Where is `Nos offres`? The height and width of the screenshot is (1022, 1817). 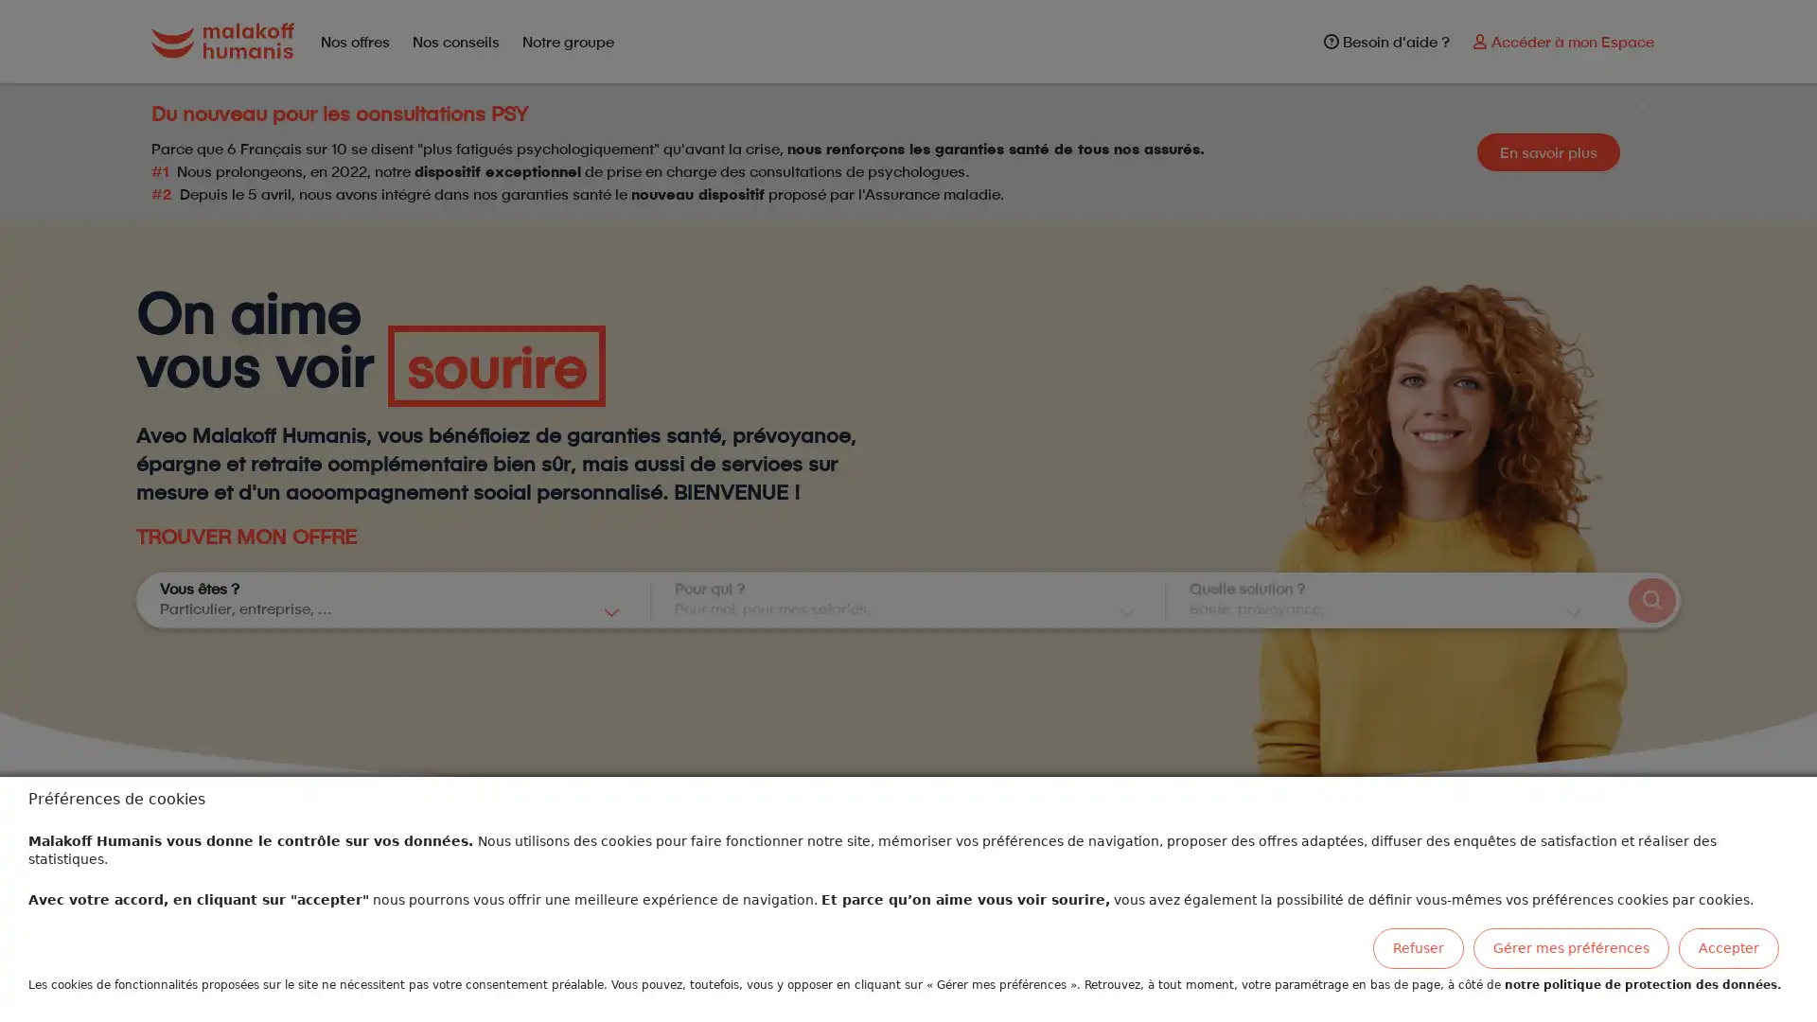
Nos offres is located at coordinates (354, 41).